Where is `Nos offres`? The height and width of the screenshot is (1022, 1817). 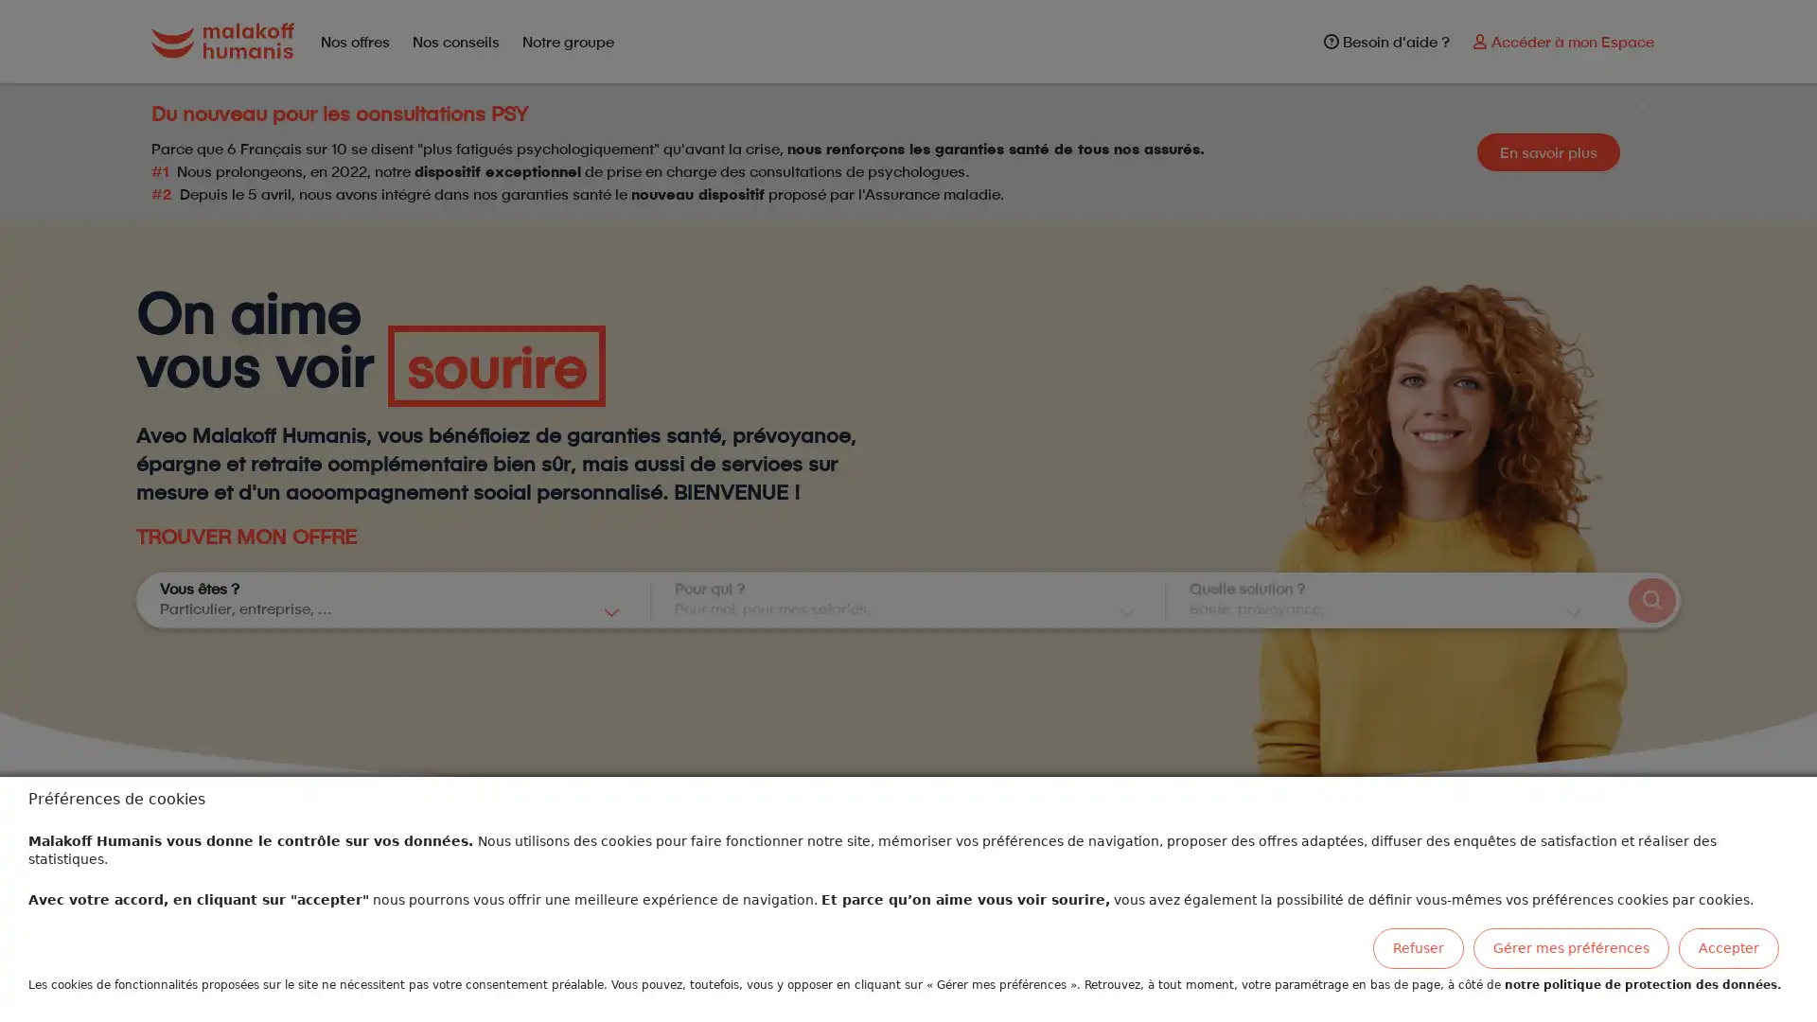
Nos offres is located at coordinates (354, 41).